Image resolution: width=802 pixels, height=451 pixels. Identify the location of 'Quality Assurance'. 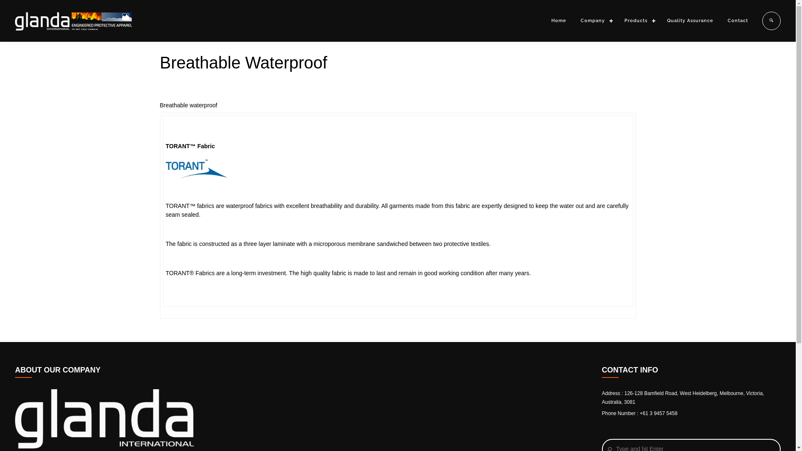
(690, 20).